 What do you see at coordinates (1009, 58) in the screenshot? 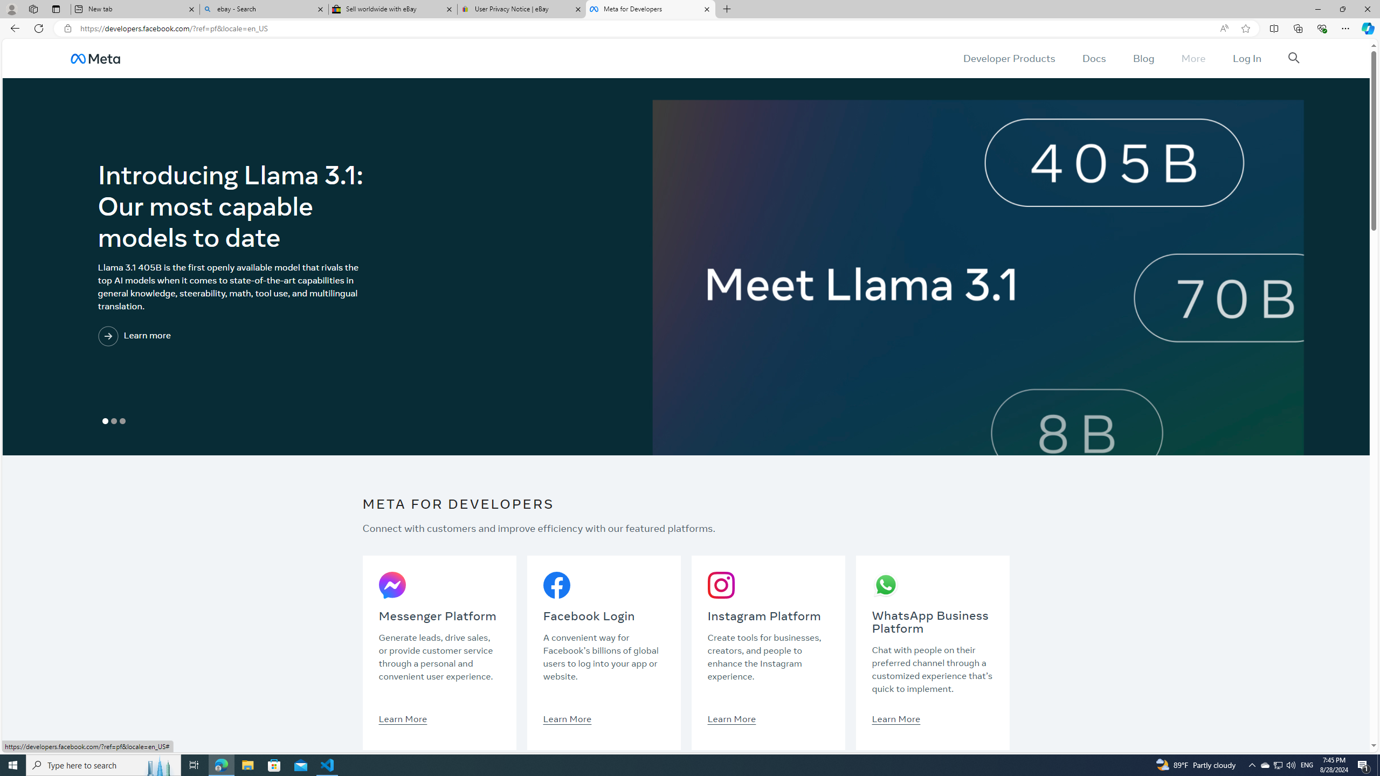
I see `'Developer Products'` at bounding box center [1009, 58].